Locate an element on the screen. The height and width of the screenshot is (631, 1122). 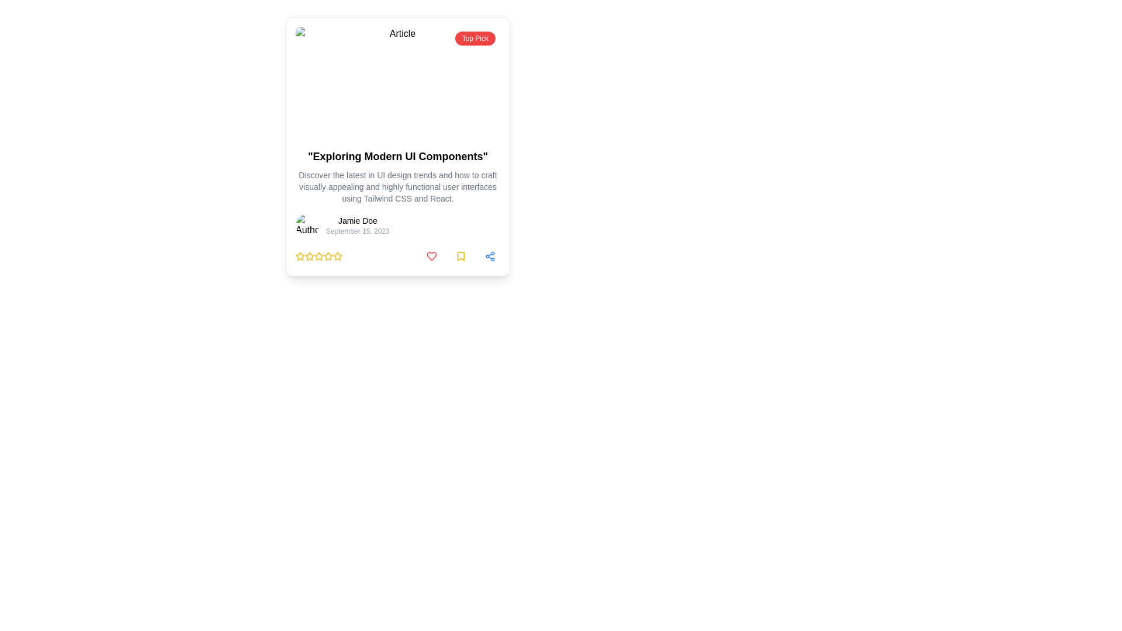
the fourth star-shaped icon with a yellow border and a transparent center in a row of five rating stars is located at coordinates (337, 255).